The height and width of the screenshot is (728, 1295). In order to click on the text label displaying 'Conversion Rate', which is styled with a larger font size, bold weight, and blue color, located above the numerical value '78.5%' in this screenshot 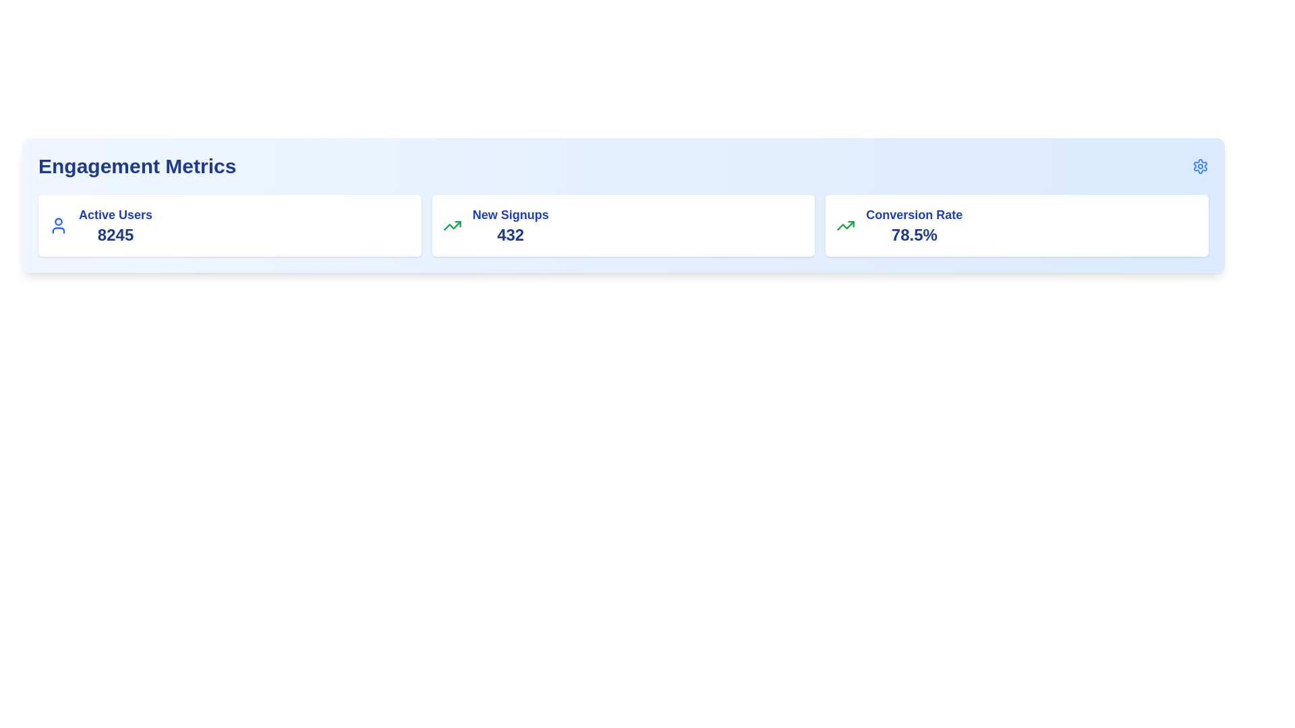, I will do `click(914, 214)`.